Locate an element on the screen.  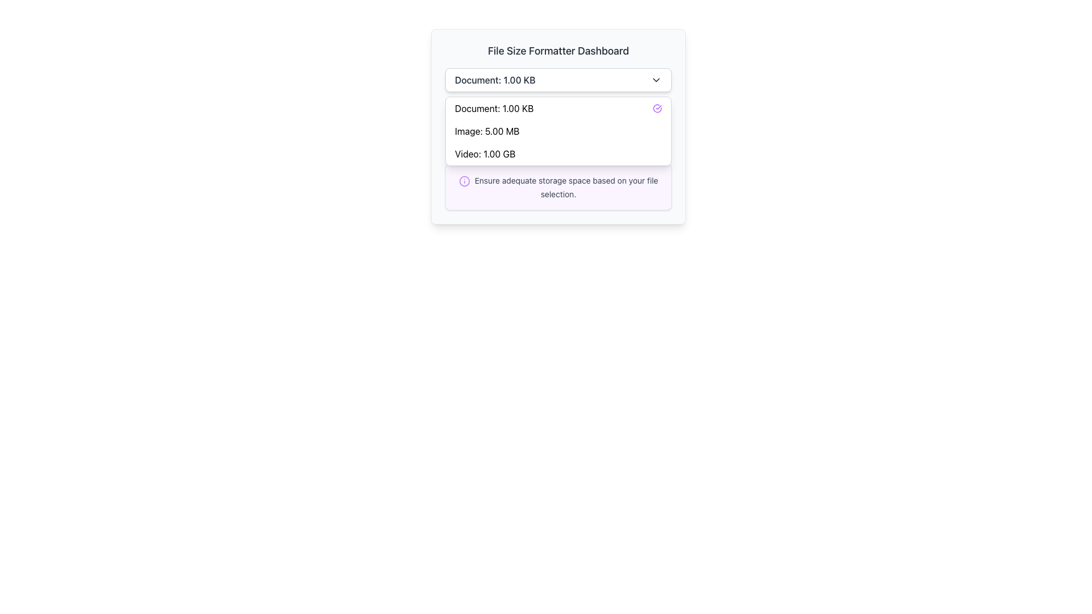
the circular informational icon with a purple outline located in the top-left corner of the message box containing the text 'Ensure adequate storage space based on your file selection.' is located at coordinates (464, 180).